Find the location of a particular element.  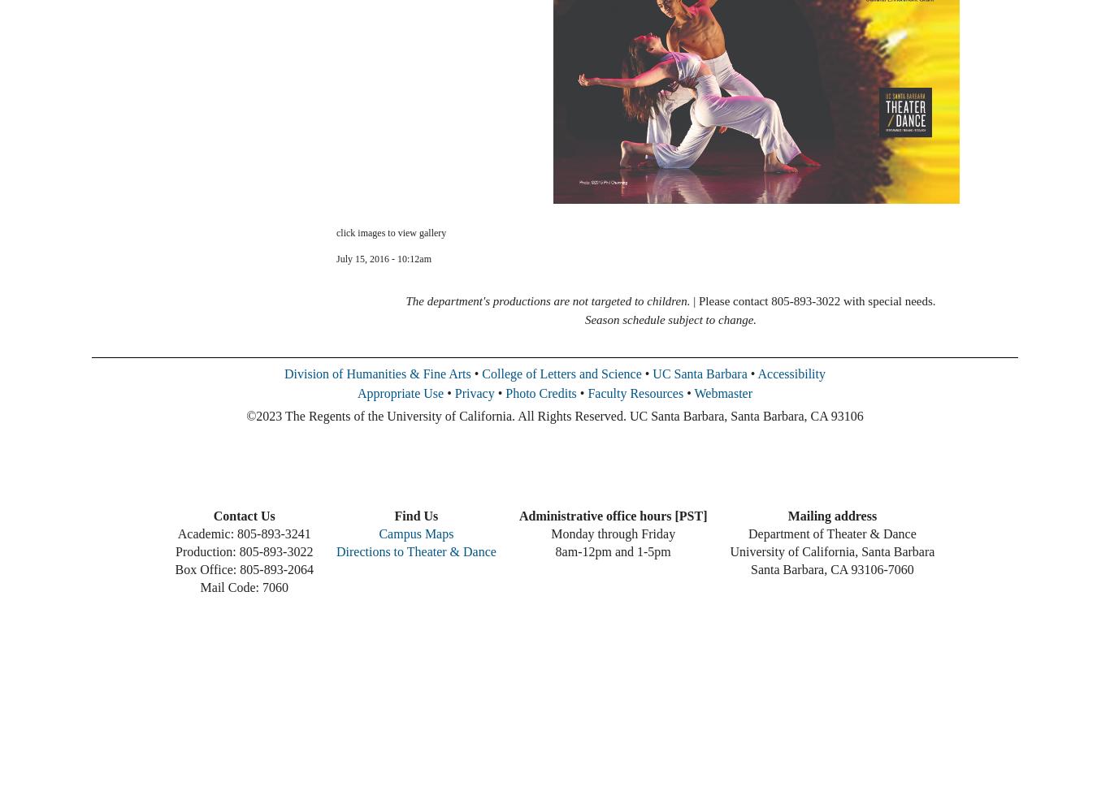

'Box Office: 805-893-2064' is located at coordinates (243, 568).